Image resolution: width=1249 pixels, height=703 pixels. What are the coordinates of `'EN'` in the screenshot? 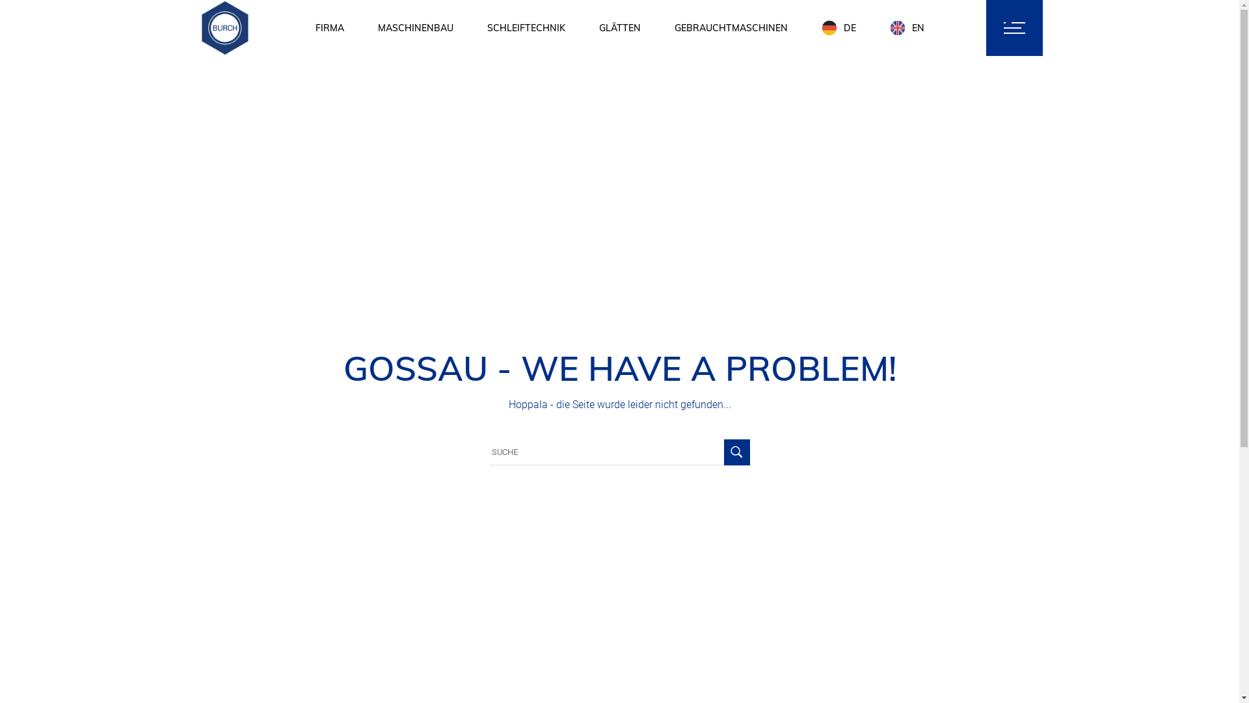 It's located at (906, 27).